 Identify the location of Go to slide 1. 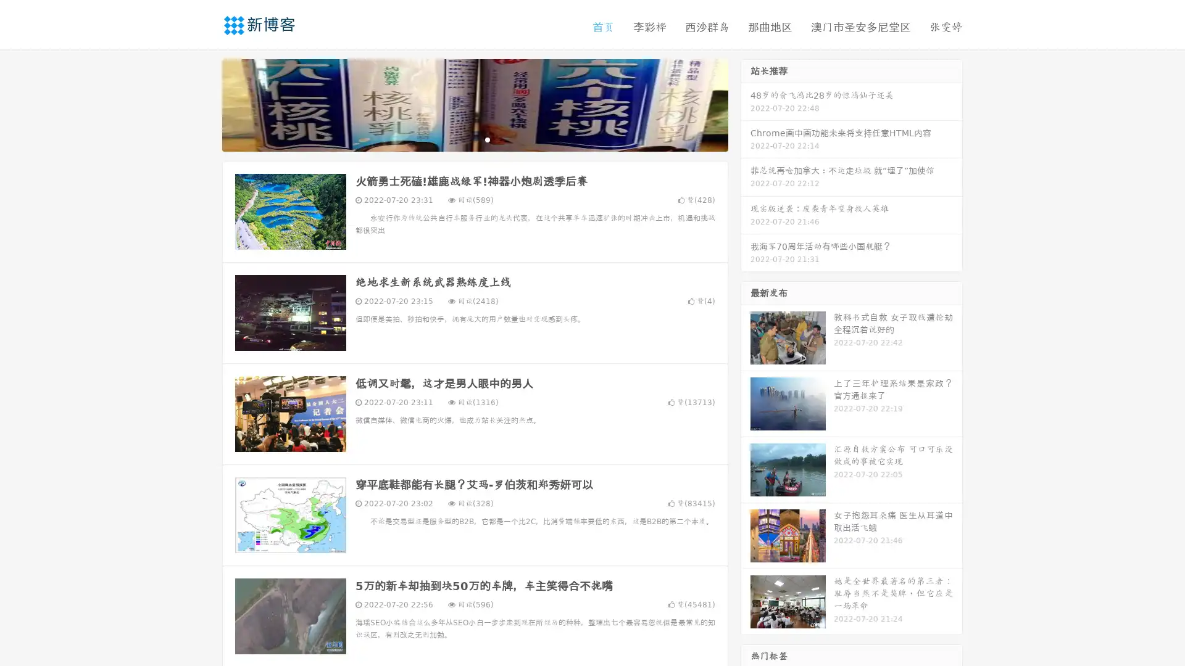
(462, 139).